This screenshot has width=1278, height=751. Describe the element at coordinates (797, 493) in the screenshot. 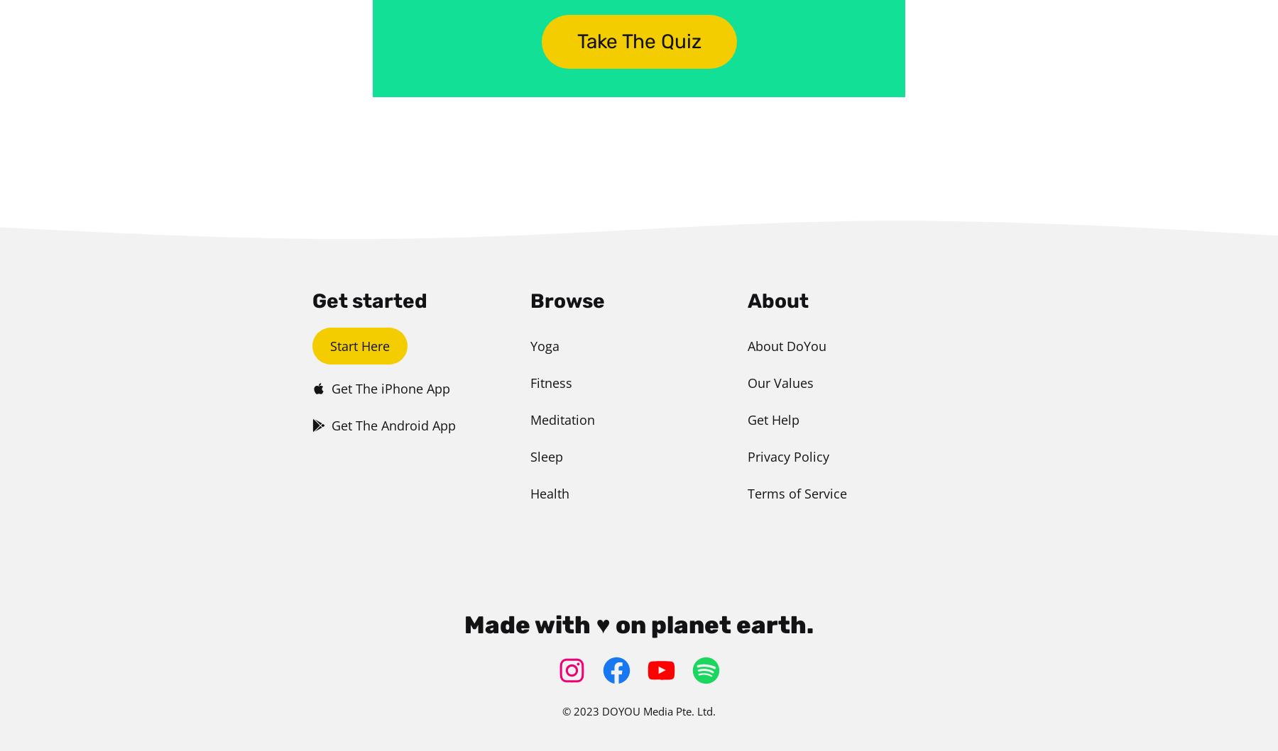

I see `'Terms of Service'` at that location.